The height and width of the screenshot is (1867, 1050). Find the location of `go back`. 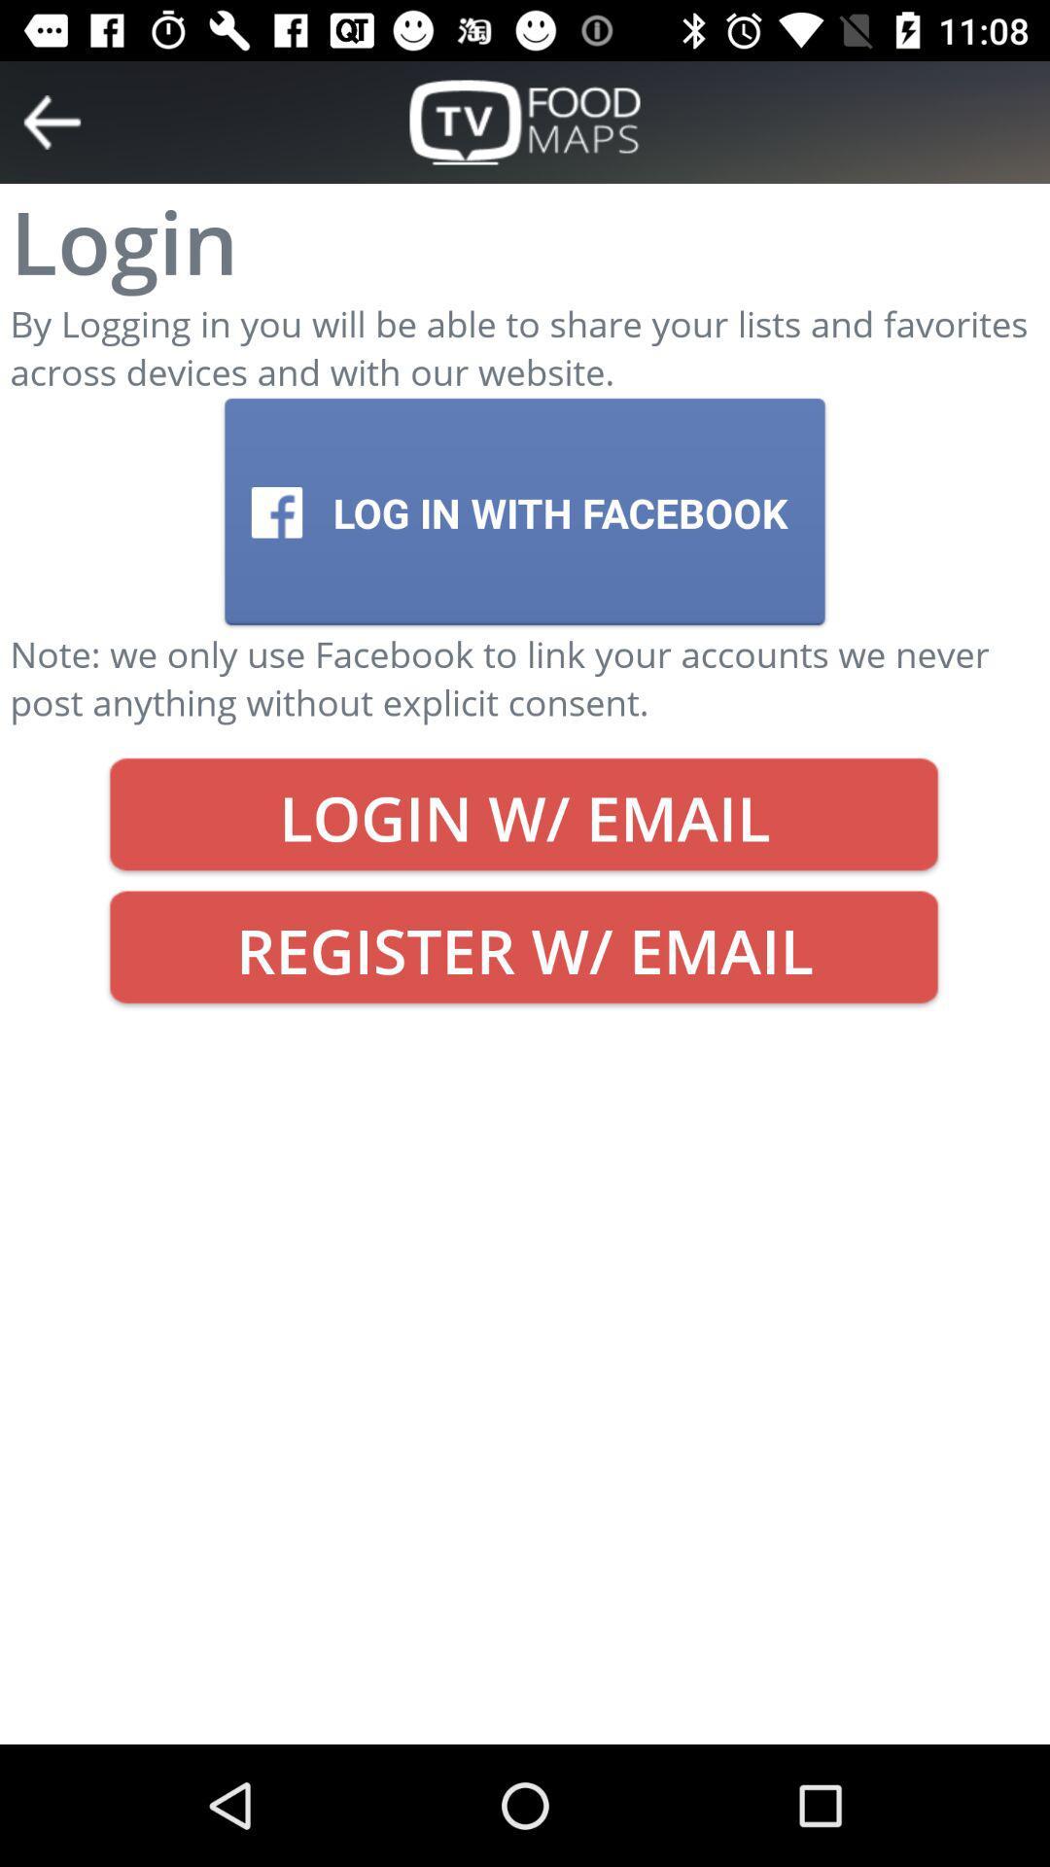

go back is located at coordinates (52, 121).